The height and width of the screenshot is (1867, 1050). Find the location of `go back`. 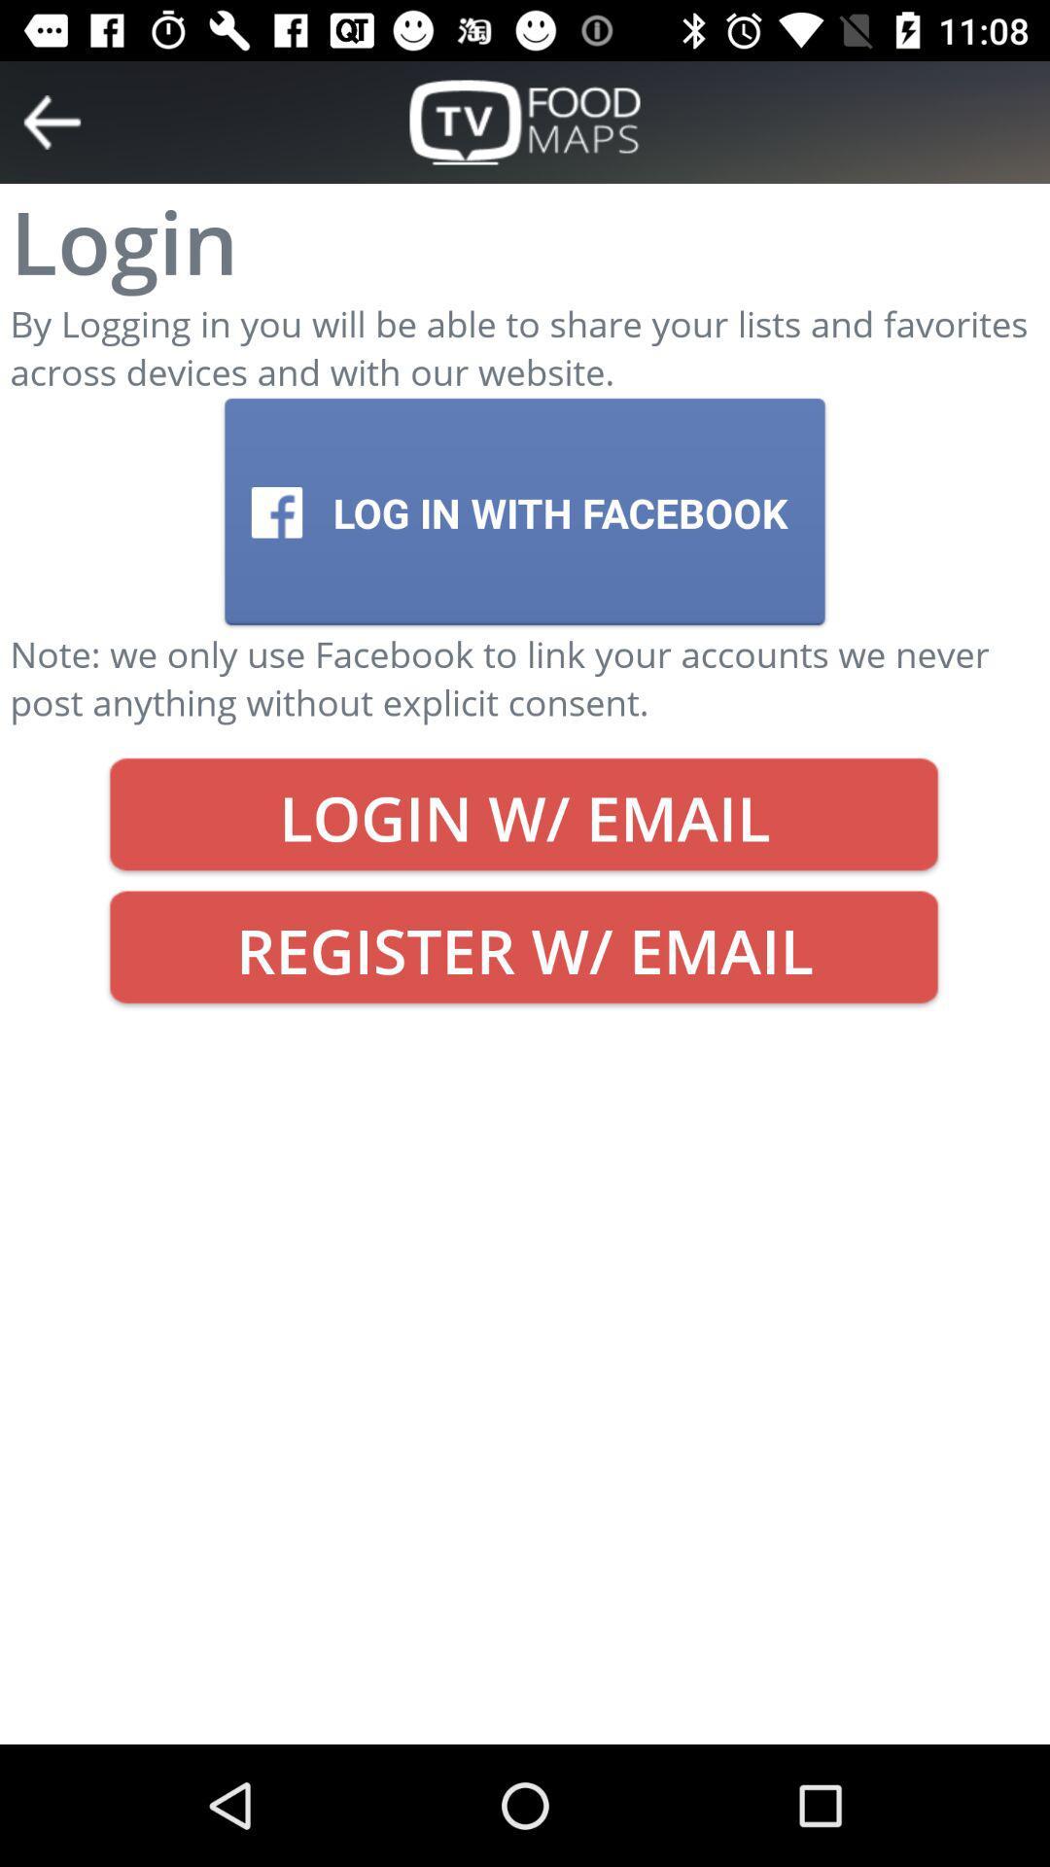

go back is located at coordinates (52, 121).